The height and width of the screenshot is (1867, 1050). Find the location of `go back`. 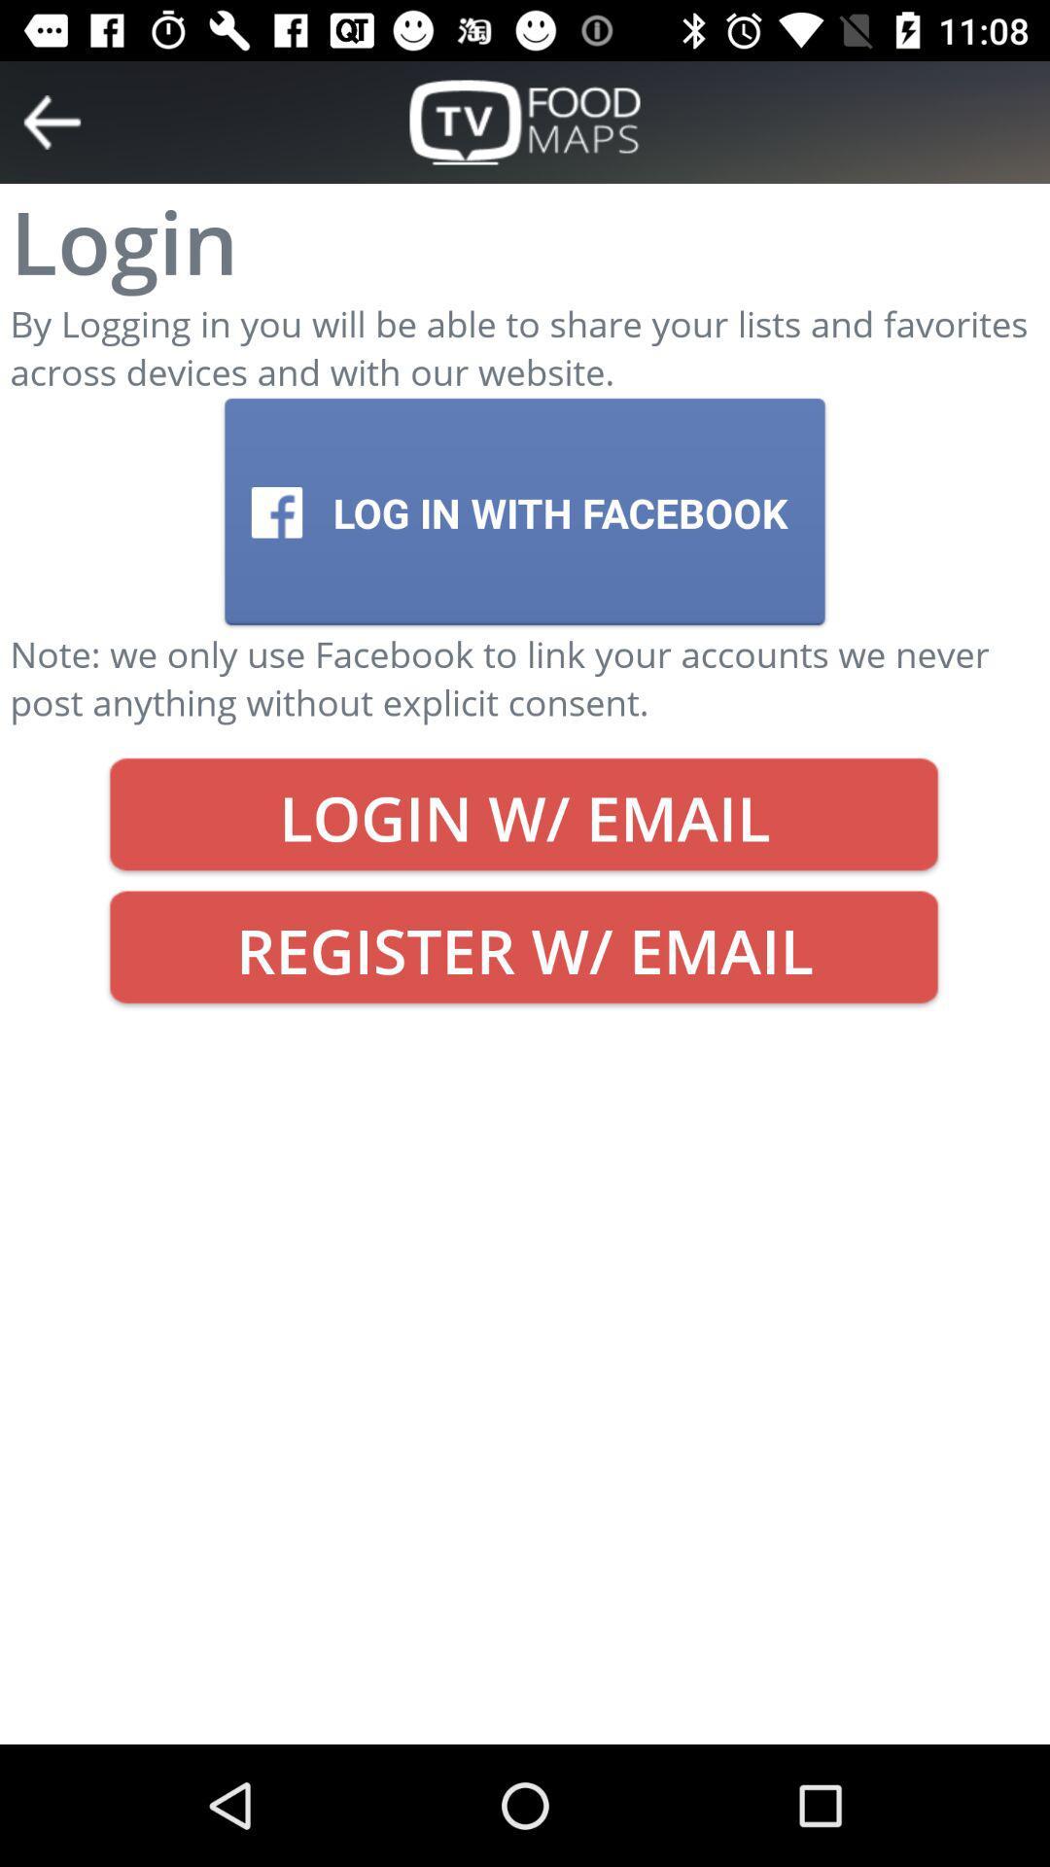

go back is located at coordinates (52, 121).